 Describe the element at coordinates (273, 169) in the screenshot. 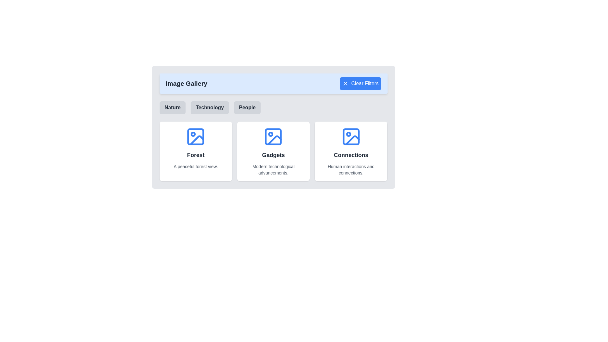

I see `the descriptive subtitle Text label located below the title 'Gadgets' in the Gadgets card, which provides additional context about its contents` at that location.